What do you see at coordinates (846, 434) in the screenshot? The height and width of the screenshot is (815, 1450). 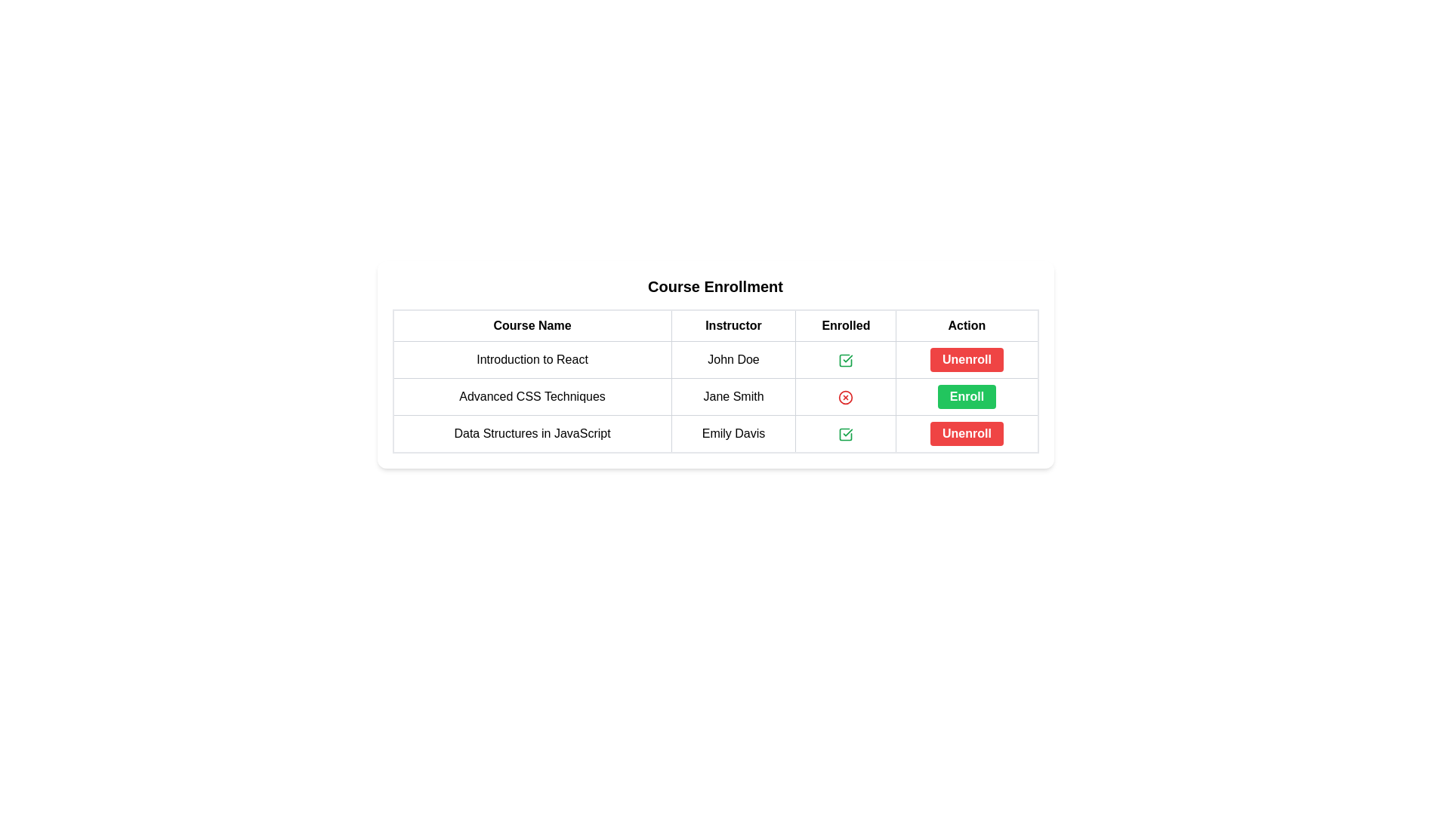 I see `the Status indicator icon for the course 'Data Structures in JavaScript' in the 'Enrolled' column of the third row, which visually indicates the enrolled status` at bounding box center [846, 434].